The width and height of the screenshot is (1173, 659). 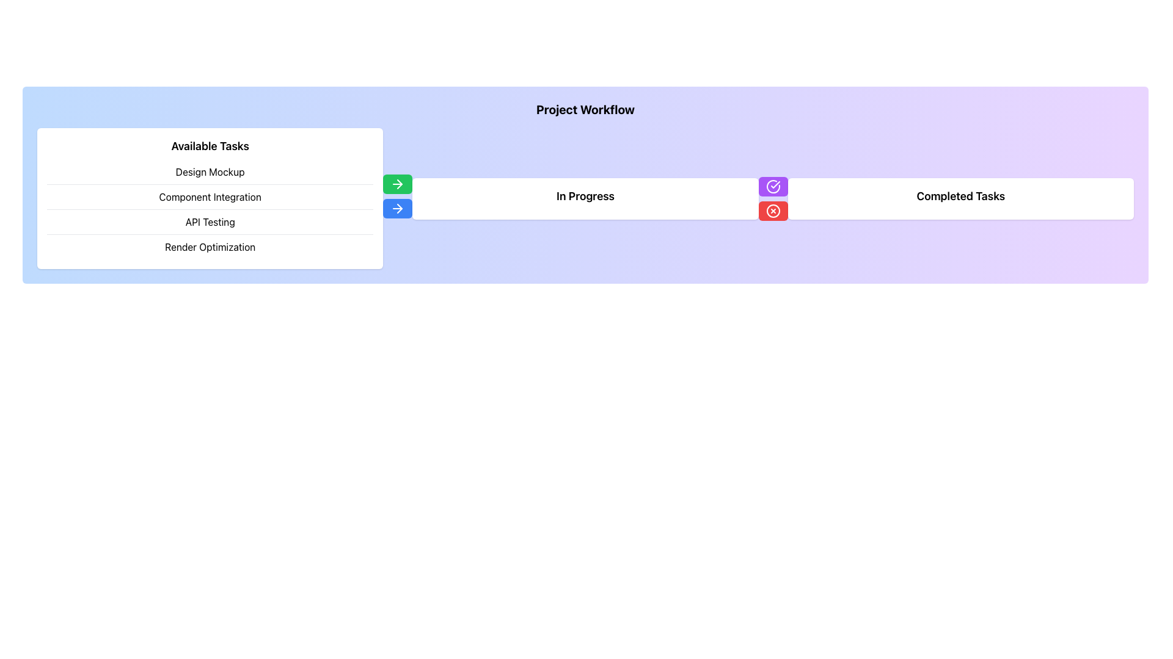 I want to click on the red circular close button with a white cross symbol located in the 'In Progress' section of the task workflow interface, so click(x=772, y=210).